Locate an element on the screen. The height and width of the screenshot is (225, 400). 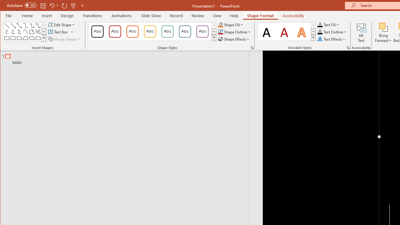
'Text Outline RGB(0, 0, 0)' is located at coordinates (320, 32).